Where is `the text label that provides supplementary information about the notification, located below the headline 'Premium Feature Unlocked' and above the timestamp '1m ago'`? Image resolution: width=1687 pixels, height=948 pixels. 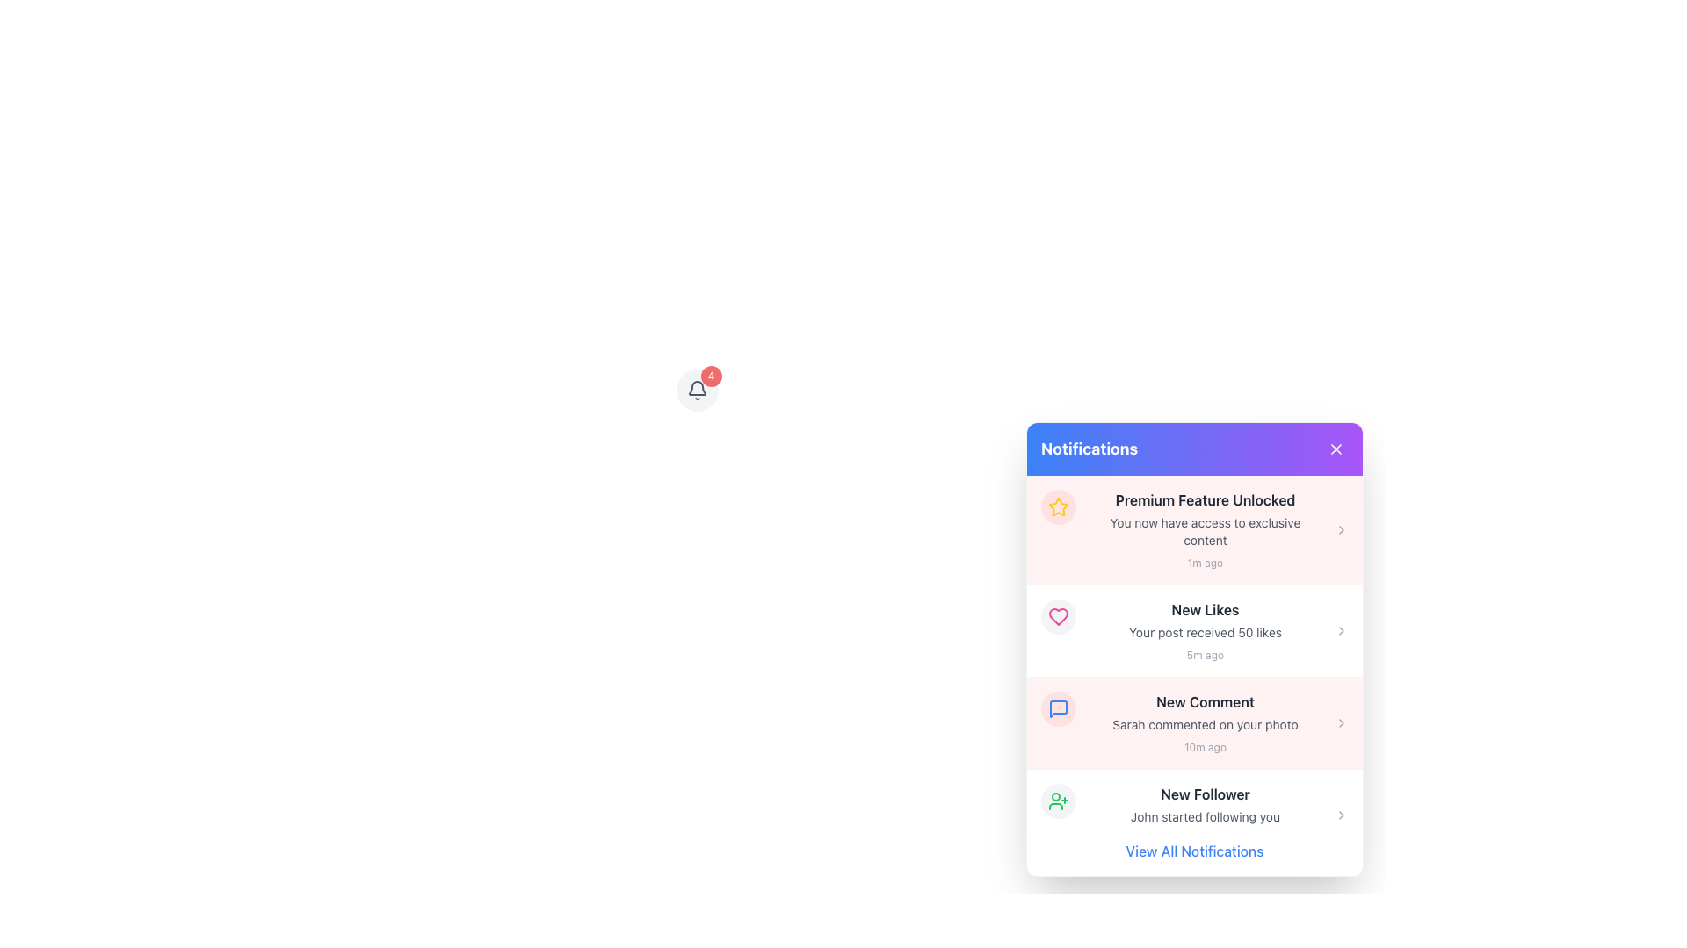 the text label that provides supplementary information about the notification, located below the headline 'Premium Feature Unlocked' and above the timestamp '1m ago' is located at coordinates (1205, 530).